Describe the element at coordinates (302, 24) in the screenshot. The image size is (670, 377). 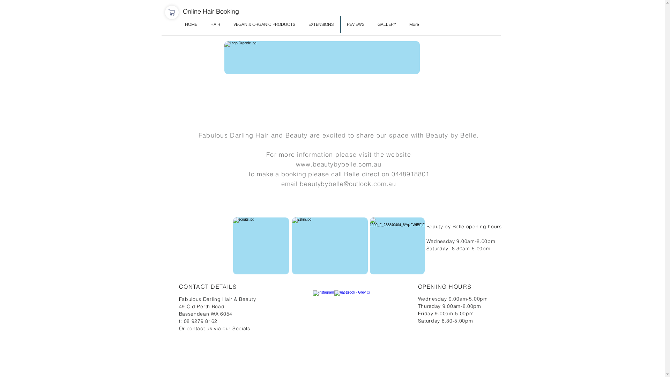
I see `'EXTENSIONS'` at that location.